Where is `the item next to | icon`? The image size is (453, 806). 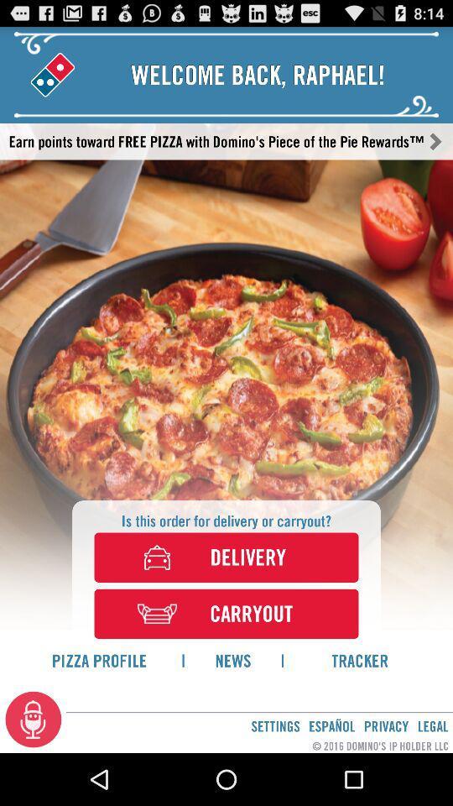 the item next to | icon is located at coordinates (232, 660).